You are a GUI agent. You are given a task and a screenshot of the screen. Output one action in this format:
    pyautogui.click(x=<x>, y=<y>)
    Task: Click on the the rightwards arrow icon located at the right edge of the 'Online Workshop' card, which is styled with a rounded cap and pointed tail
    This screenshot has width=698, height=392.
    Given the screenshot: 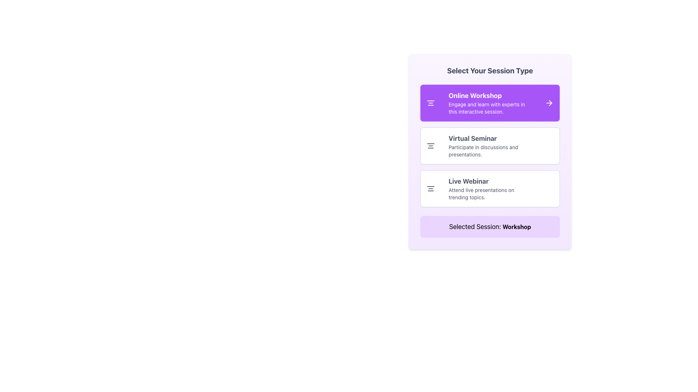 What is the action you would take?
    pyautogui.click(x=549, y=103)
    